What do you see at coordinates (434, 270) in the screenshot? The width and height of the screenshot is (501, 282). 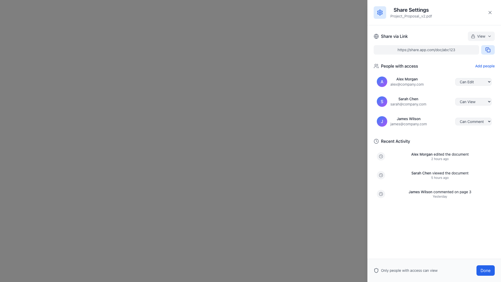 I see `text label in the horizontal layout at the bottom-right corner of the interface that informs users about access restrictions and provides a confirmation button` at bounding box center [434, 270].